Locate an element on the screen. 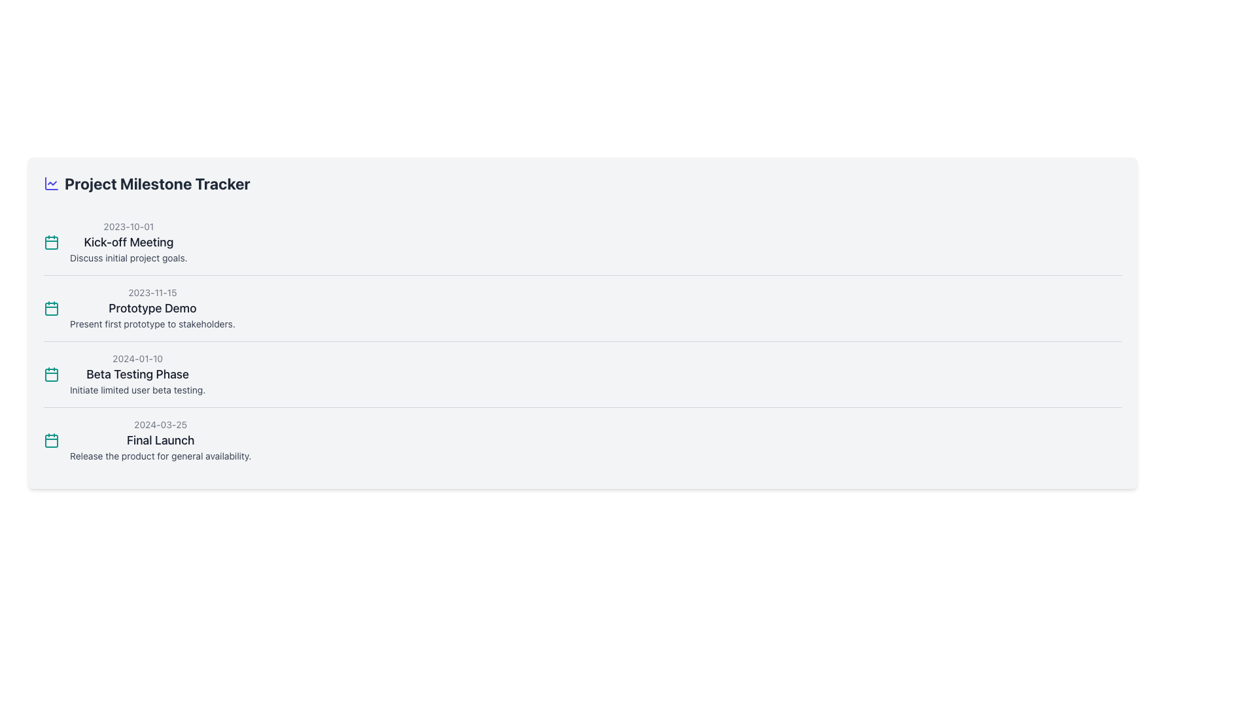 The height and width of the screenshot is (706, 1256). text label representing the title of the milestone or event in the tracker, located below the date '2024-03-25' and above the description 'Release the product for general availability.' is located at coordinates (160, 441).